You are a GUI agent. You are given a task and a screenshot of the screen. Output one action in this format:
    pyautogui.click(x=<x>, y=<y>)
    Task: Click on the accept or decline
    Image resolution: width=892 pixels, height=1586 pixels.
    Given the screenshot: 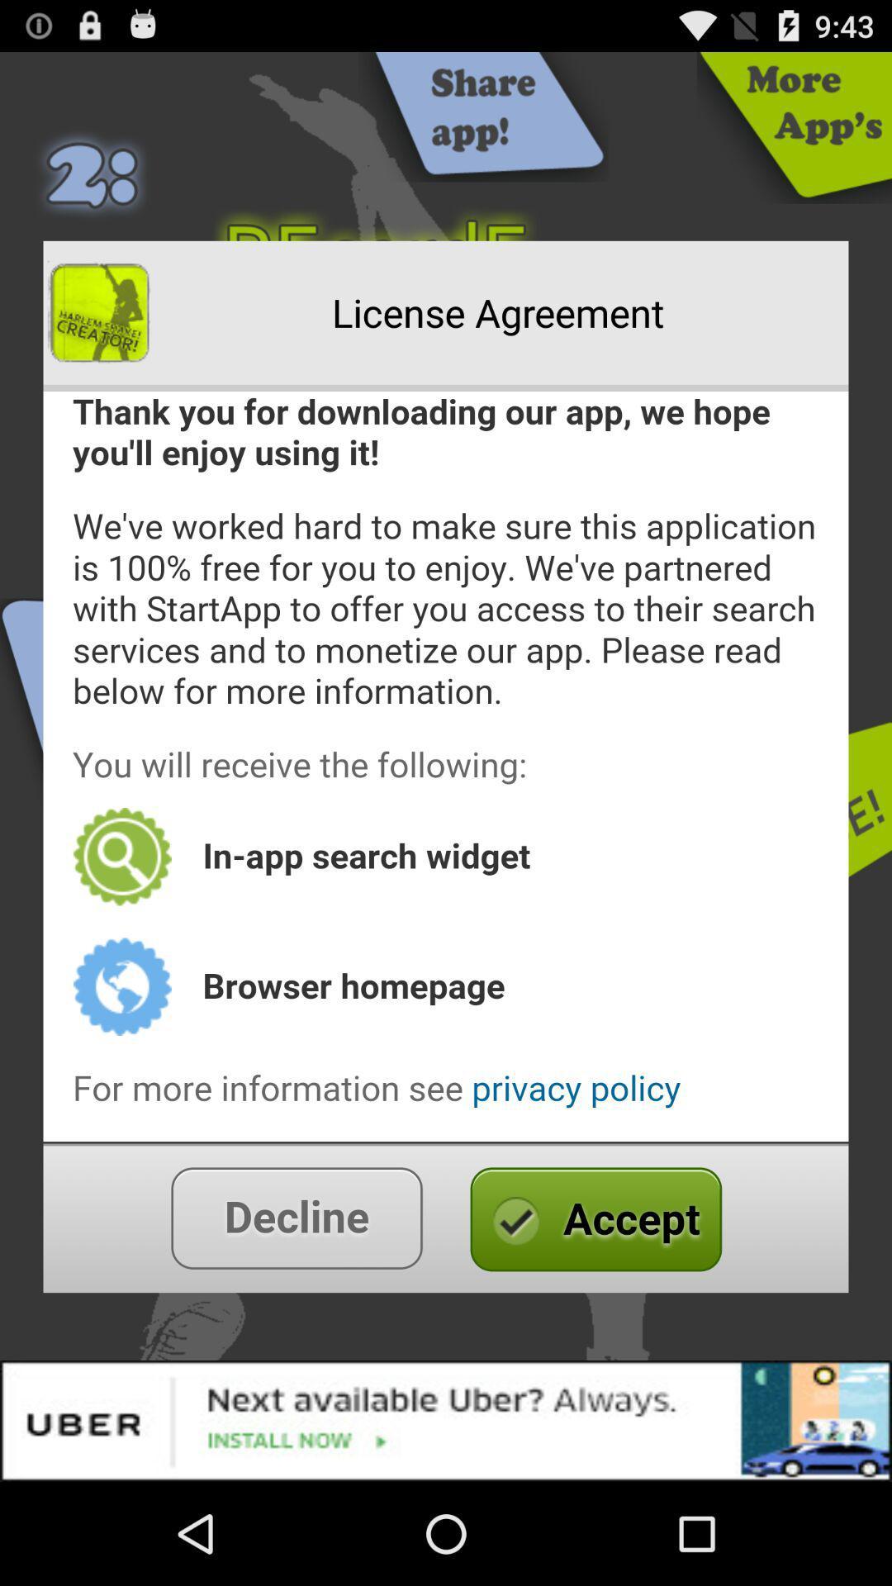 What is the action you would take?
    pyautogui.click(x=446, y=1218)
    